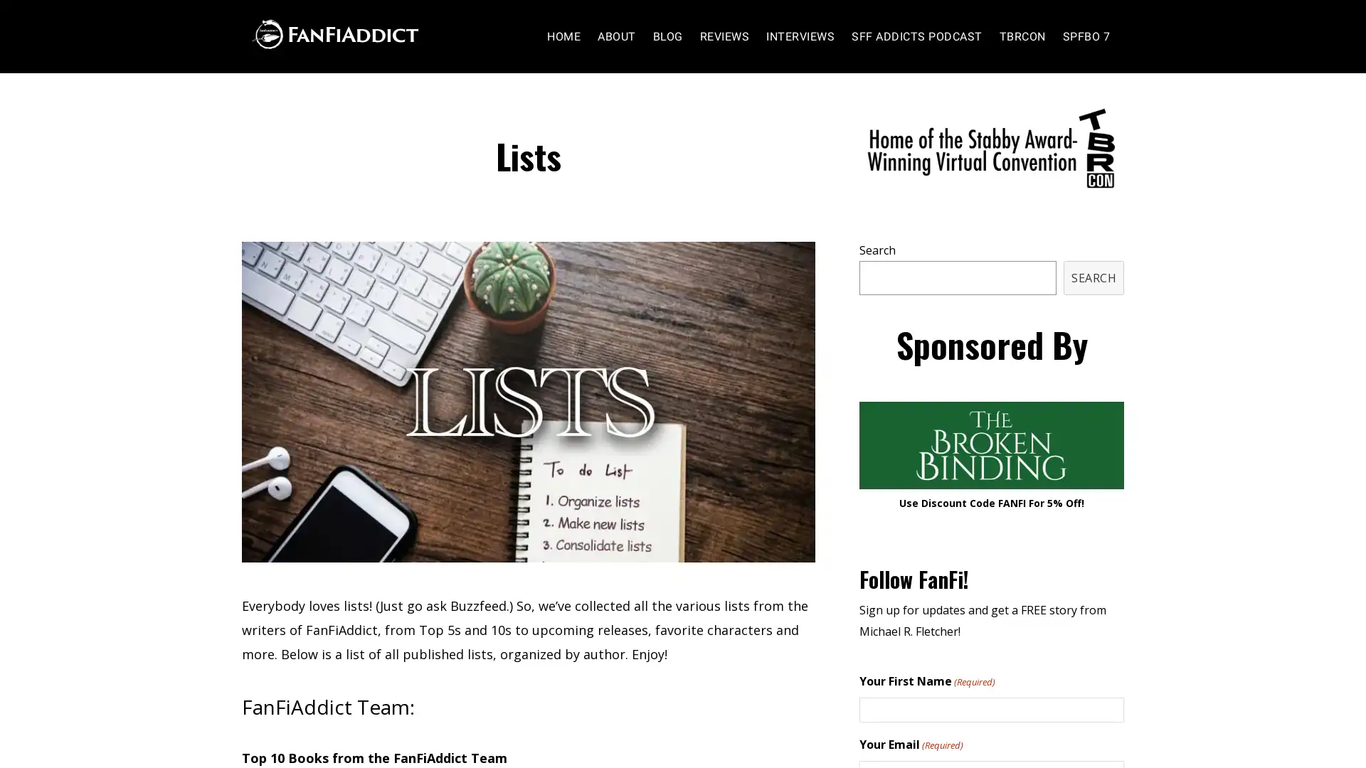  I want to click on SEARCH, so click(1093, 277).